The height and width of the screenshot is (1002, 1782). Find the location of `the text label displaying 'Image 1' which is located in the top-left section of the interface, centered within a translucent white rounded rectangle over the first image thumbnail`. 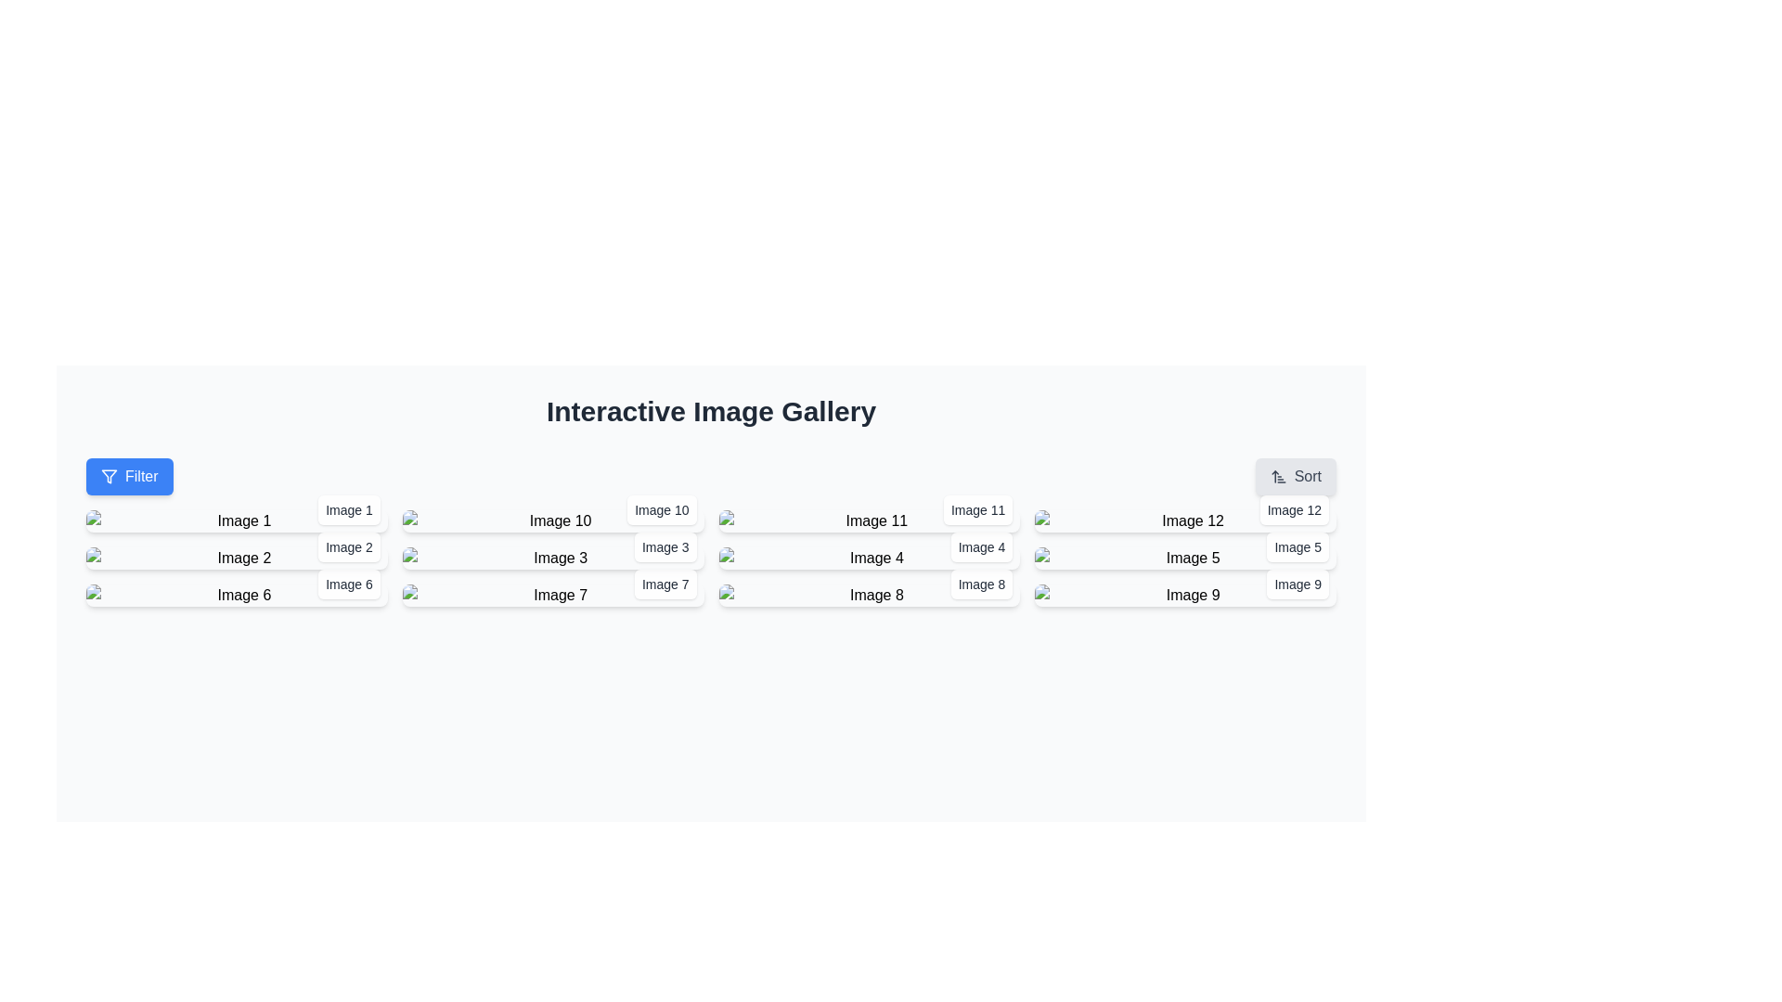

the text label displaying 'Image 1' which is located in the top-left section of the interface, centered within a translucent white rounded rectangle over the first image thumbnail is located at coordinates (349, 510).